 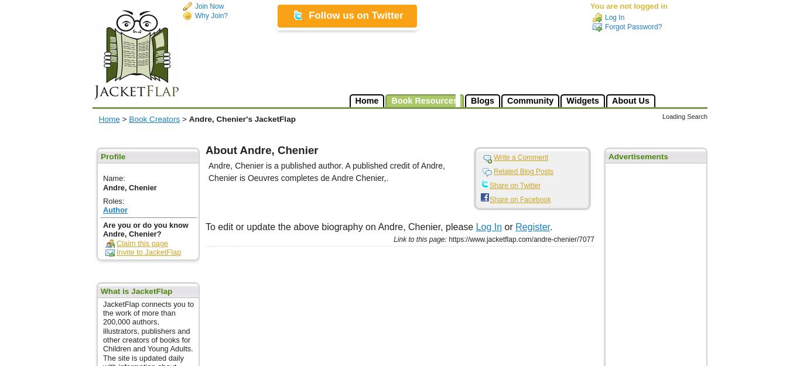 What do you see at coordinates (145, 229) in the screenshot?
I see `'Are you or do you know Andre, Chenier?'` at bounding box center [145, 229].